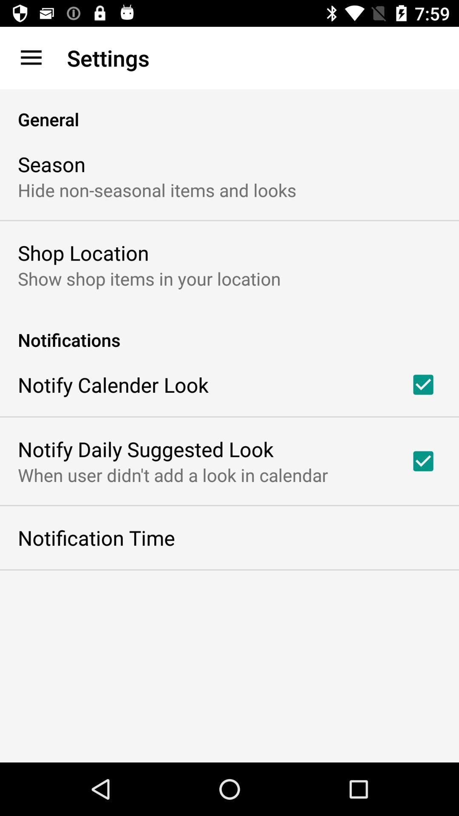 This screenshot has height=816, width=459. Describe the element at coordinates (157, 189) in the screenshot. I see `icon above shop location icon` at that location.